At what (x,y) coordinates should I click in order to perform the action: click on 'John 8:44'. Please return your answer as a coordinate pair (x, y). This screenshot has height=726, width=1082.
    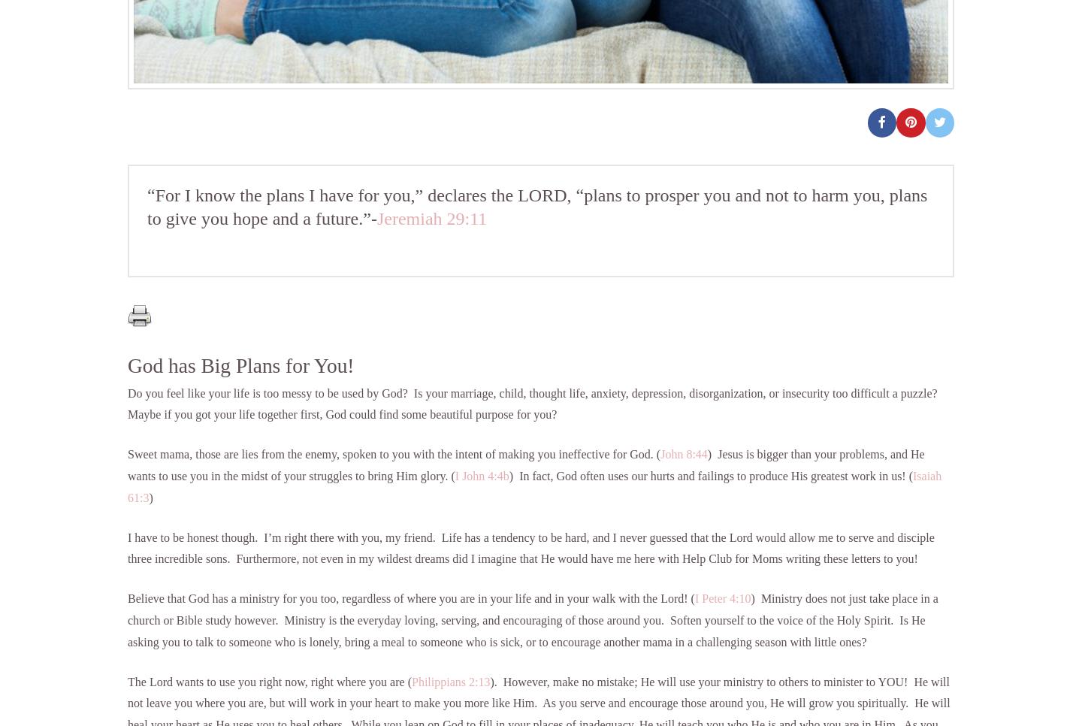
    Looking at the image, I should click on (659, 454).